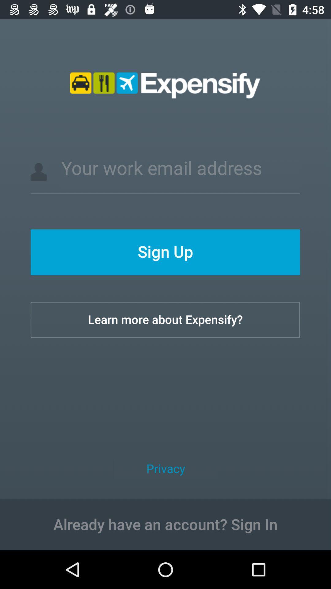 The image size is (331, 589). I want to click on the avatar icon, so click(39, 172).